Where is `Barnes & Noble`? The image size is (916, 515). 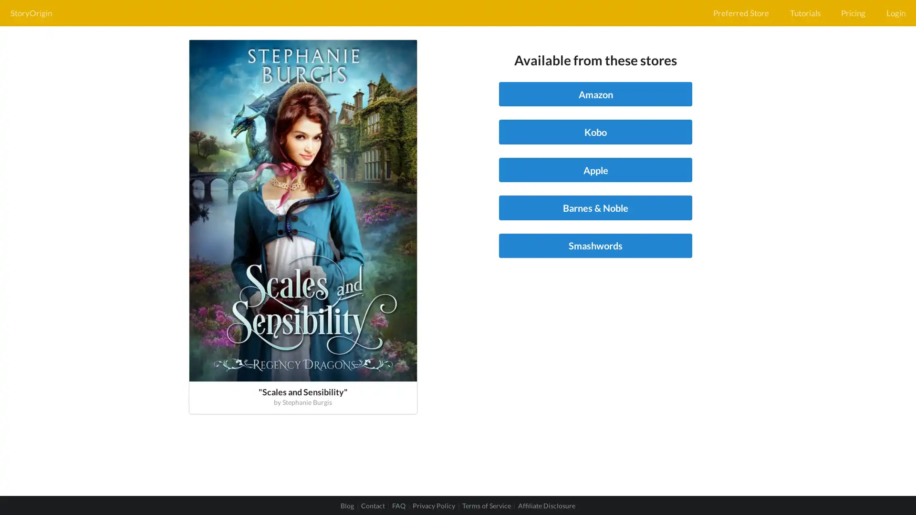 Barnes & Noble is located at coordinates (595, 207).